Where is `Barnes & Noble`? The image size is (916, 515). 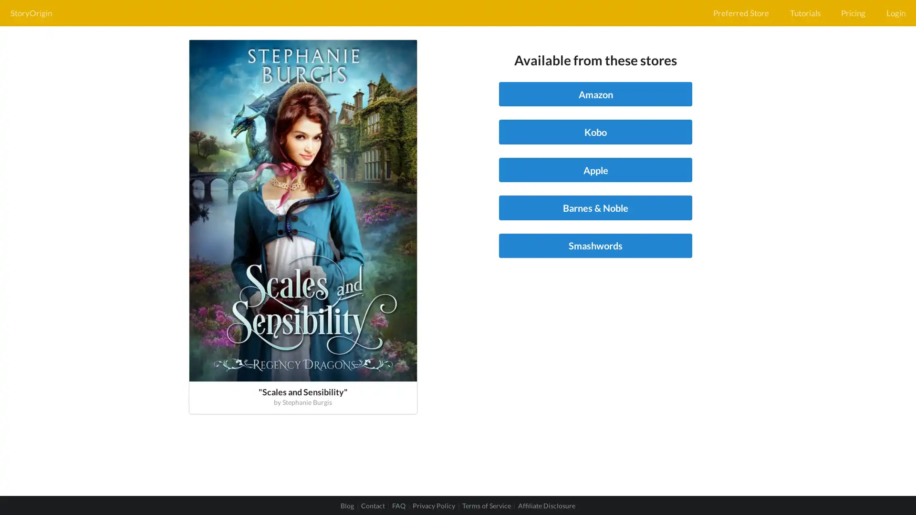 Barnes & Noble is located at coordinates (595, 207).